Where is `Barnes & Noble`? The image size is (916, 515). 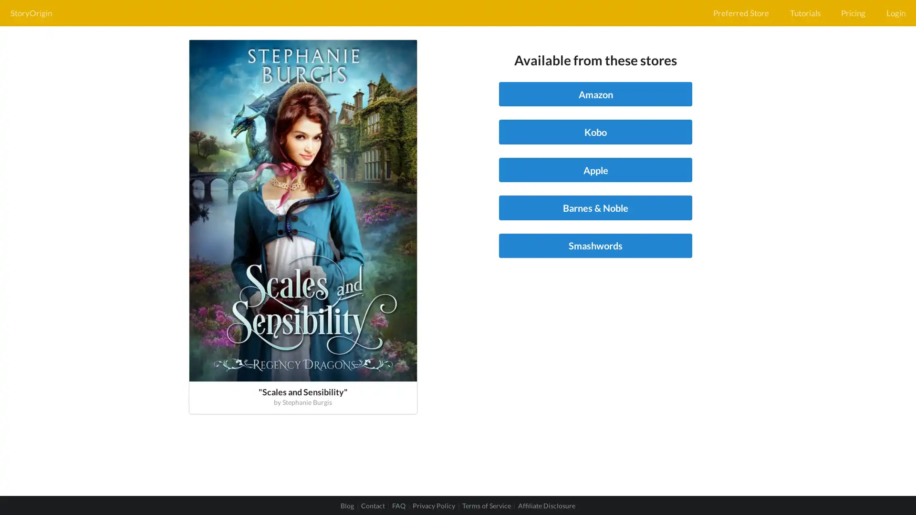 Barnes & Noble is located at coordinates (595, 207).